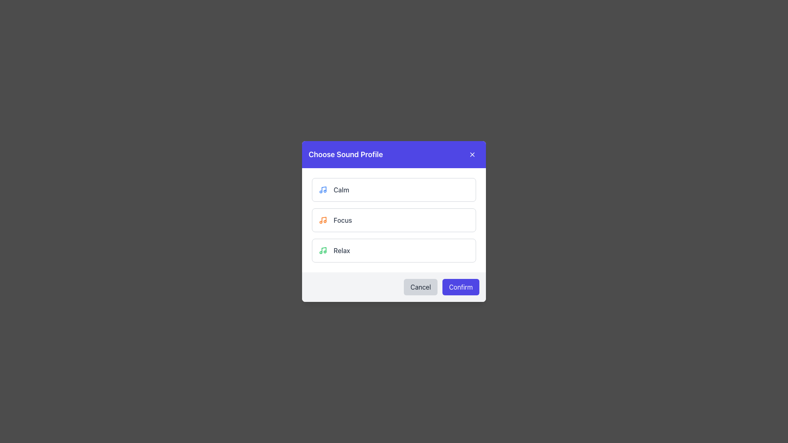  I want to click on the 'Focus' list item in the 'Choose Sound Profile' modal, so click(394, 219).